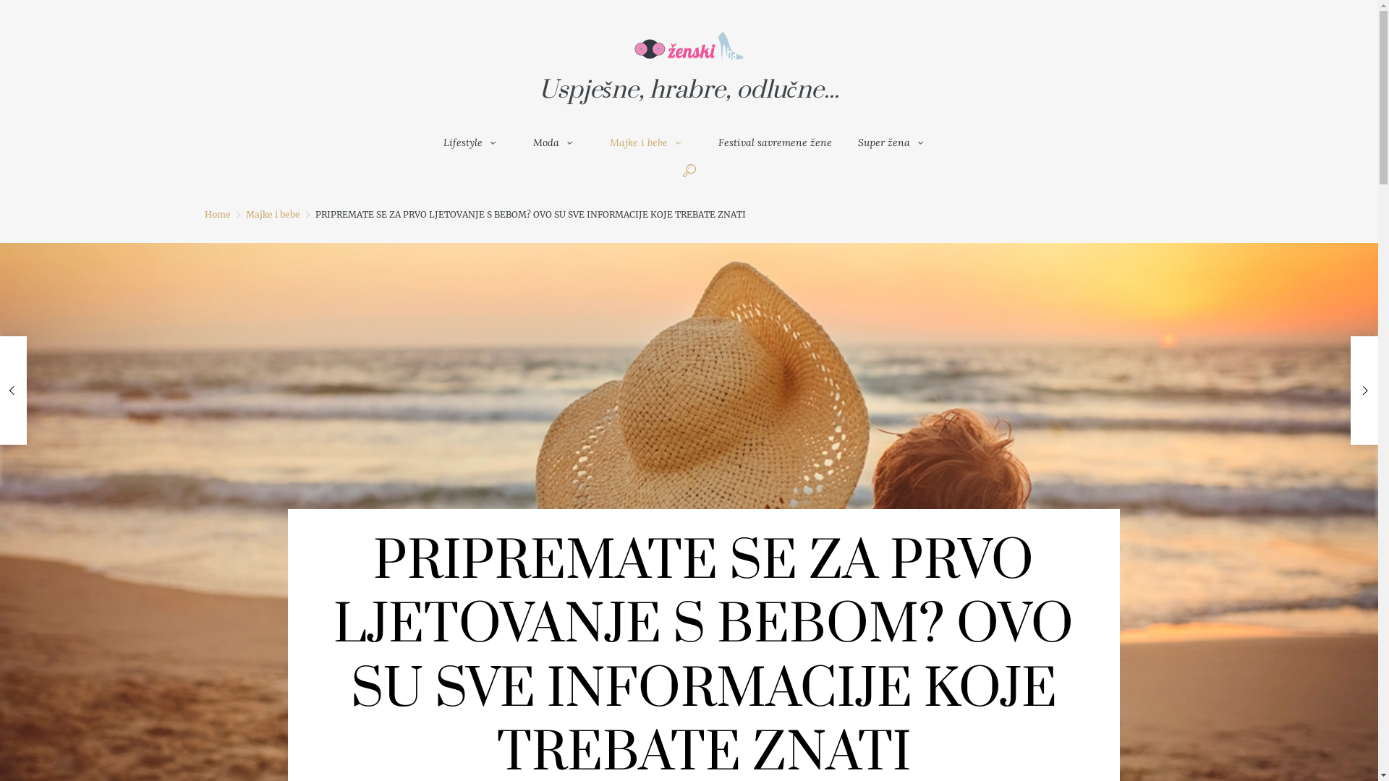 This screenshot has width=1389, height=781. What do you see at coordinates (558, 142) in the screenshot?
I see `'Moda'` at bounding box center [558, 142].